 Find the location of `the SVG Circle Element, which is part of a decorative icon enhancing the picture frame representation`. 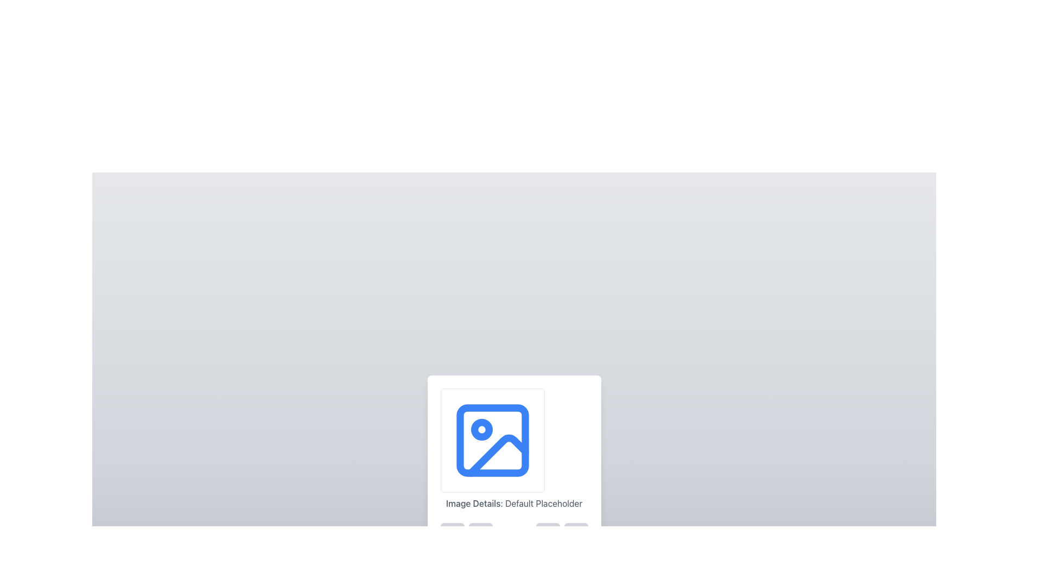

the SVG Circle Element, which is part of a decorative icon enhancing the picture frame representation is located at coordinates (481, 429).